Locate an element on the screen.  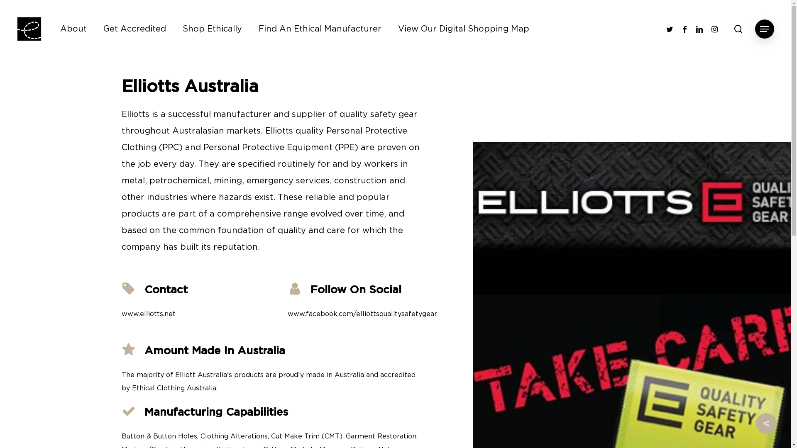
'Shop Ethically' is located at coordinates (212, 28).